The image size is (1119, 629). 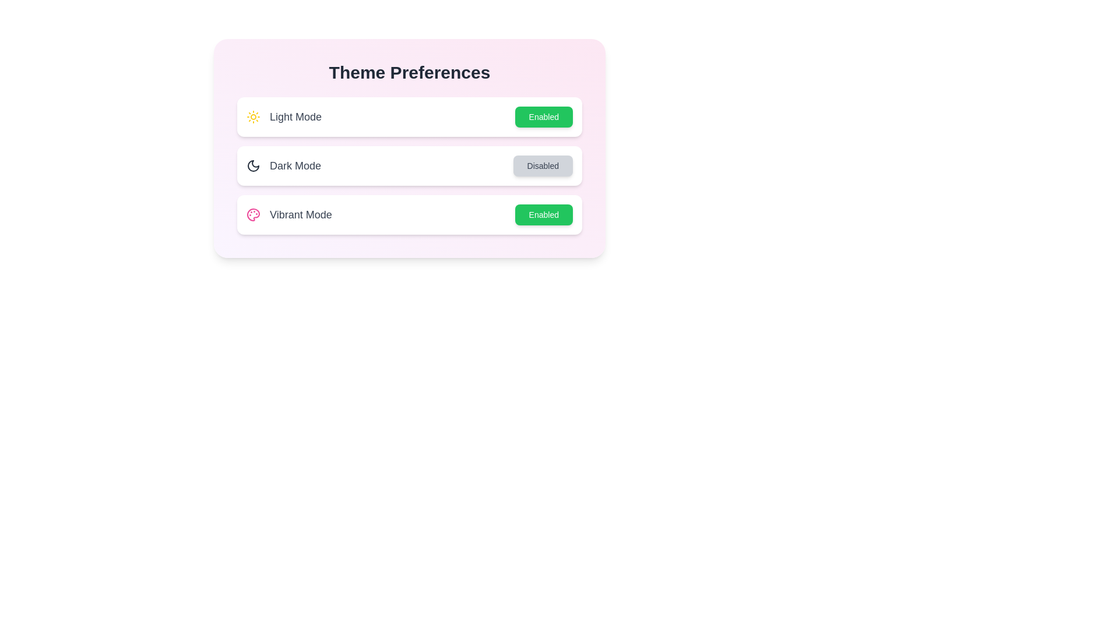 I want to click on the description and icon of the theme Light Mode, so click(x=253, y=116).